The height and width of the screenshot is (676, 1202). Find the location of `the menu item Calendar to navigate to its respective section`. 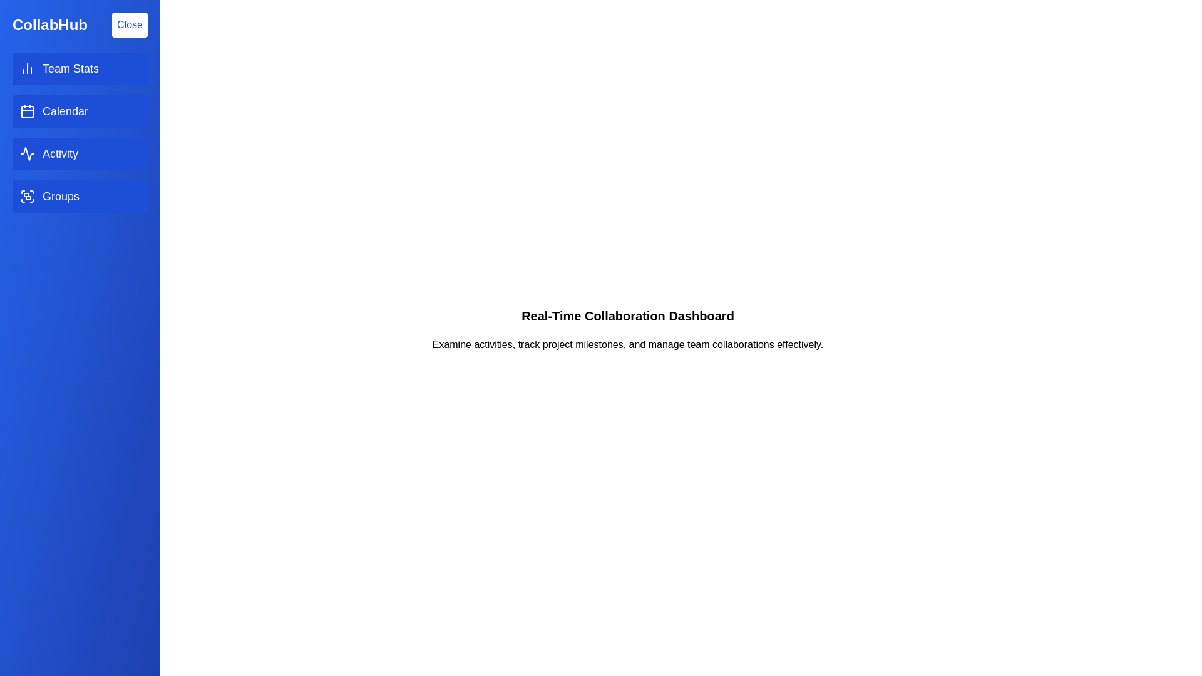

the menu item Calendar to navigate to its respective section is located at coordinates (80, 110).